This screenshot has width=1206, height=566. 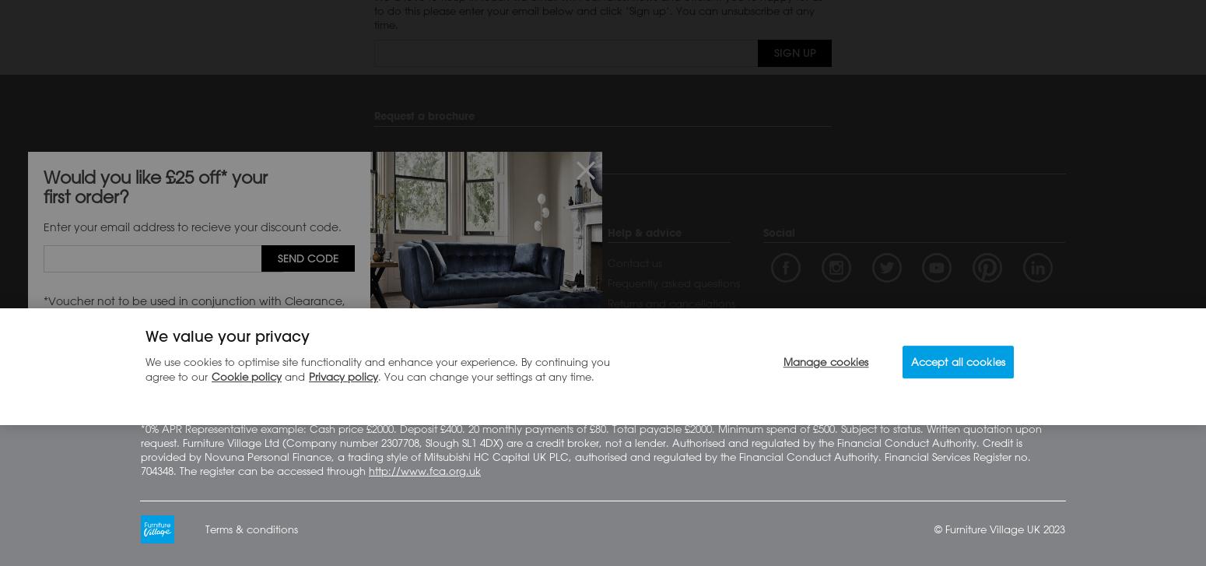 What do you see at coordinates (634, 262) in the screenshot?
I see `'Contact us'` at bounding box center [634, 262].